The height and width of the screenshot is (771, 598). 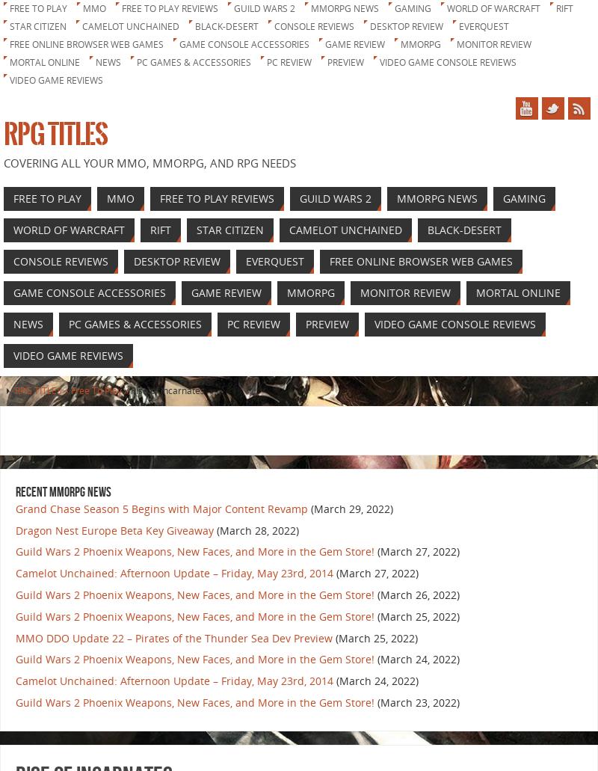 What do you see at coordinates (493, 44) in the screenshot?
I see `'Monitor Review'` at bounding box center [493, 44].